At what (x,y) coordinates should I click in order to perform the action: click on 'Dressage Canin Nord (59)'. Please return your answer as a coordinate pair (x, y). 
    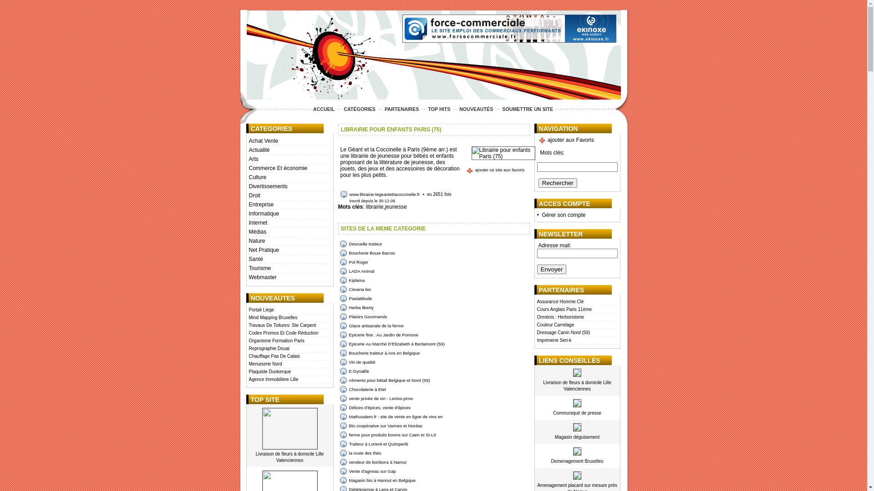
    Looking at the image, I should click on (577, 333).